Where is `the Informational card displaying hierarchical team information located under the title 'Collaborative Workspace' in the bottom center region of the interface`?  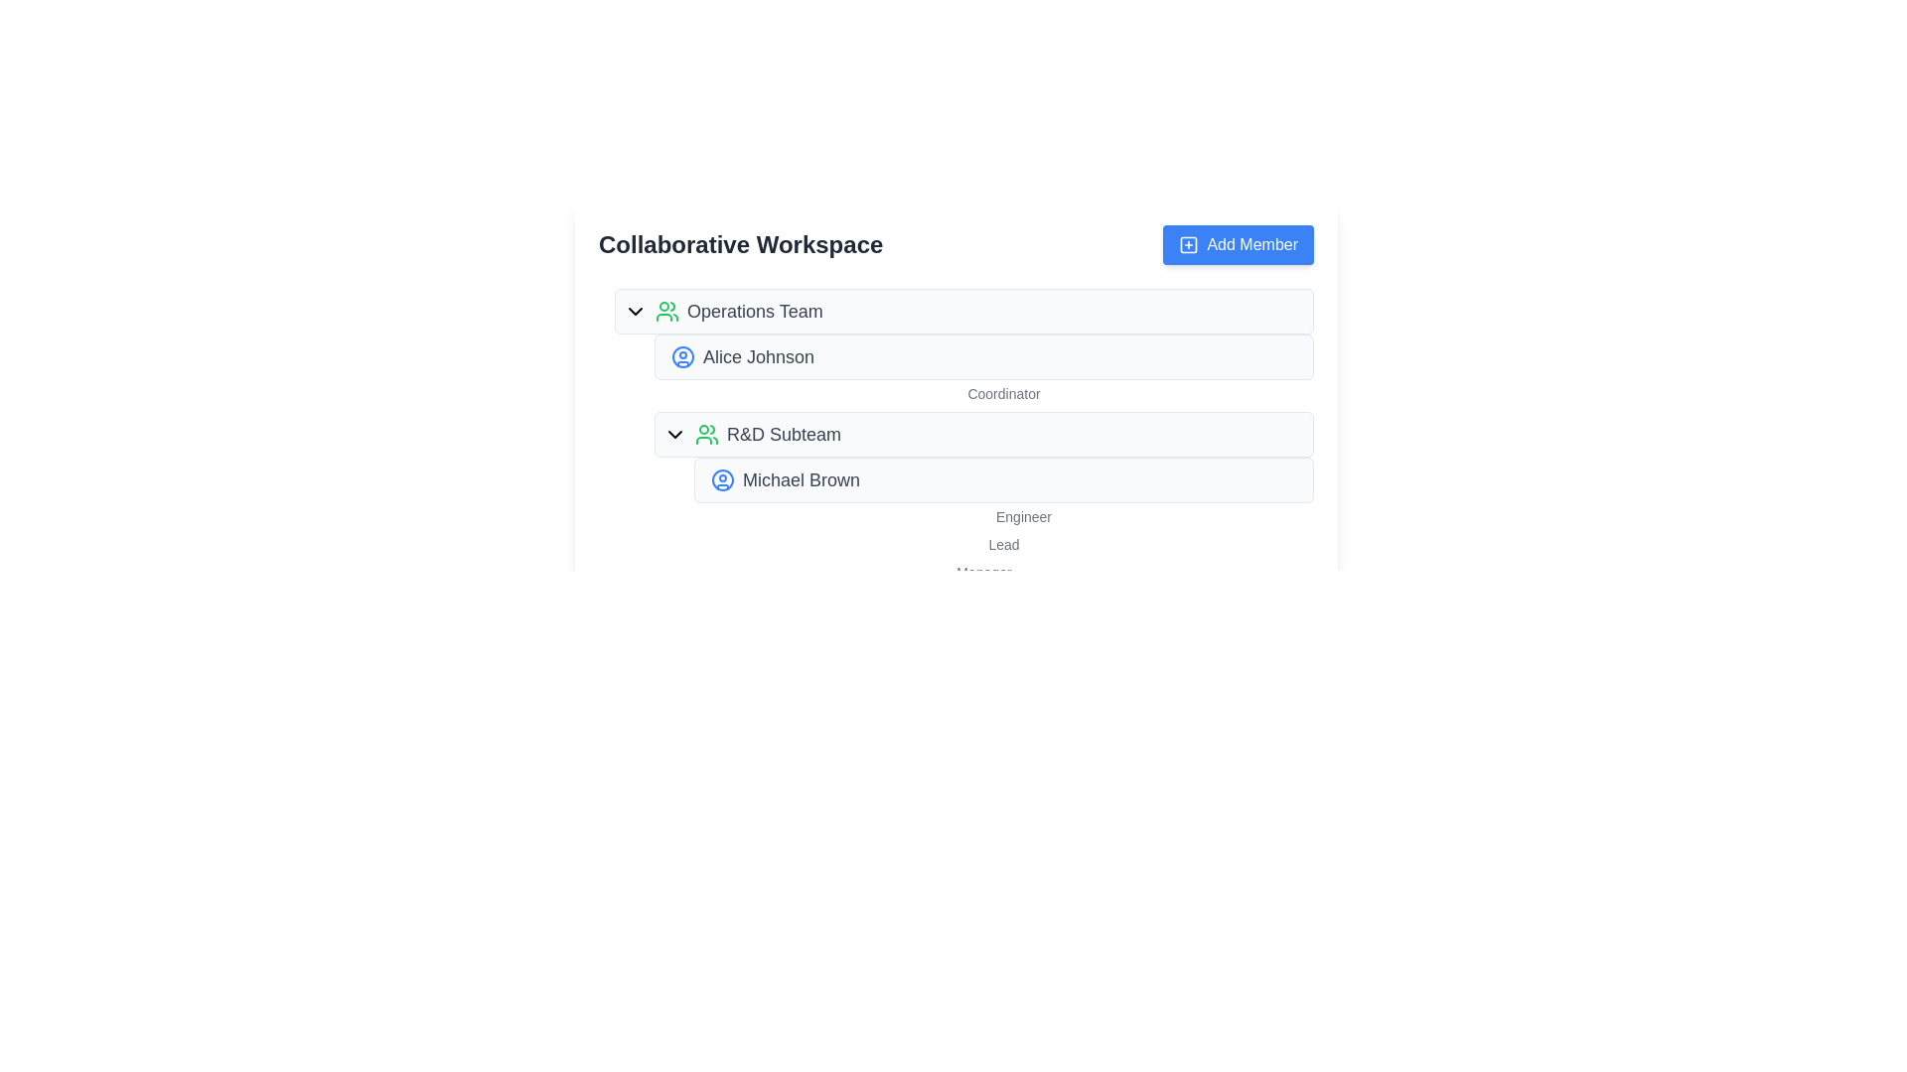
the Informational card displaying hierarchical team information located under the title 'Collaborative Workspace' in the bottom center region of the interface is located at coordinates (956, 435).